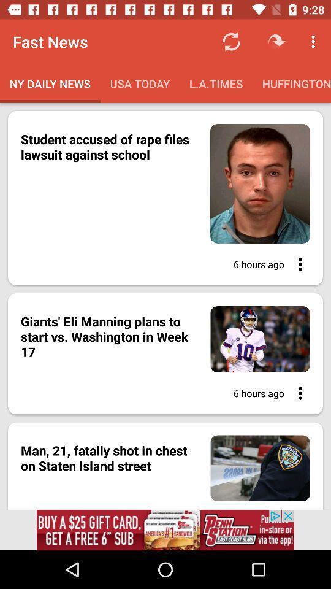 This screenshot has width=331, height=589. I want to click on open options in article, so click(296, 393).